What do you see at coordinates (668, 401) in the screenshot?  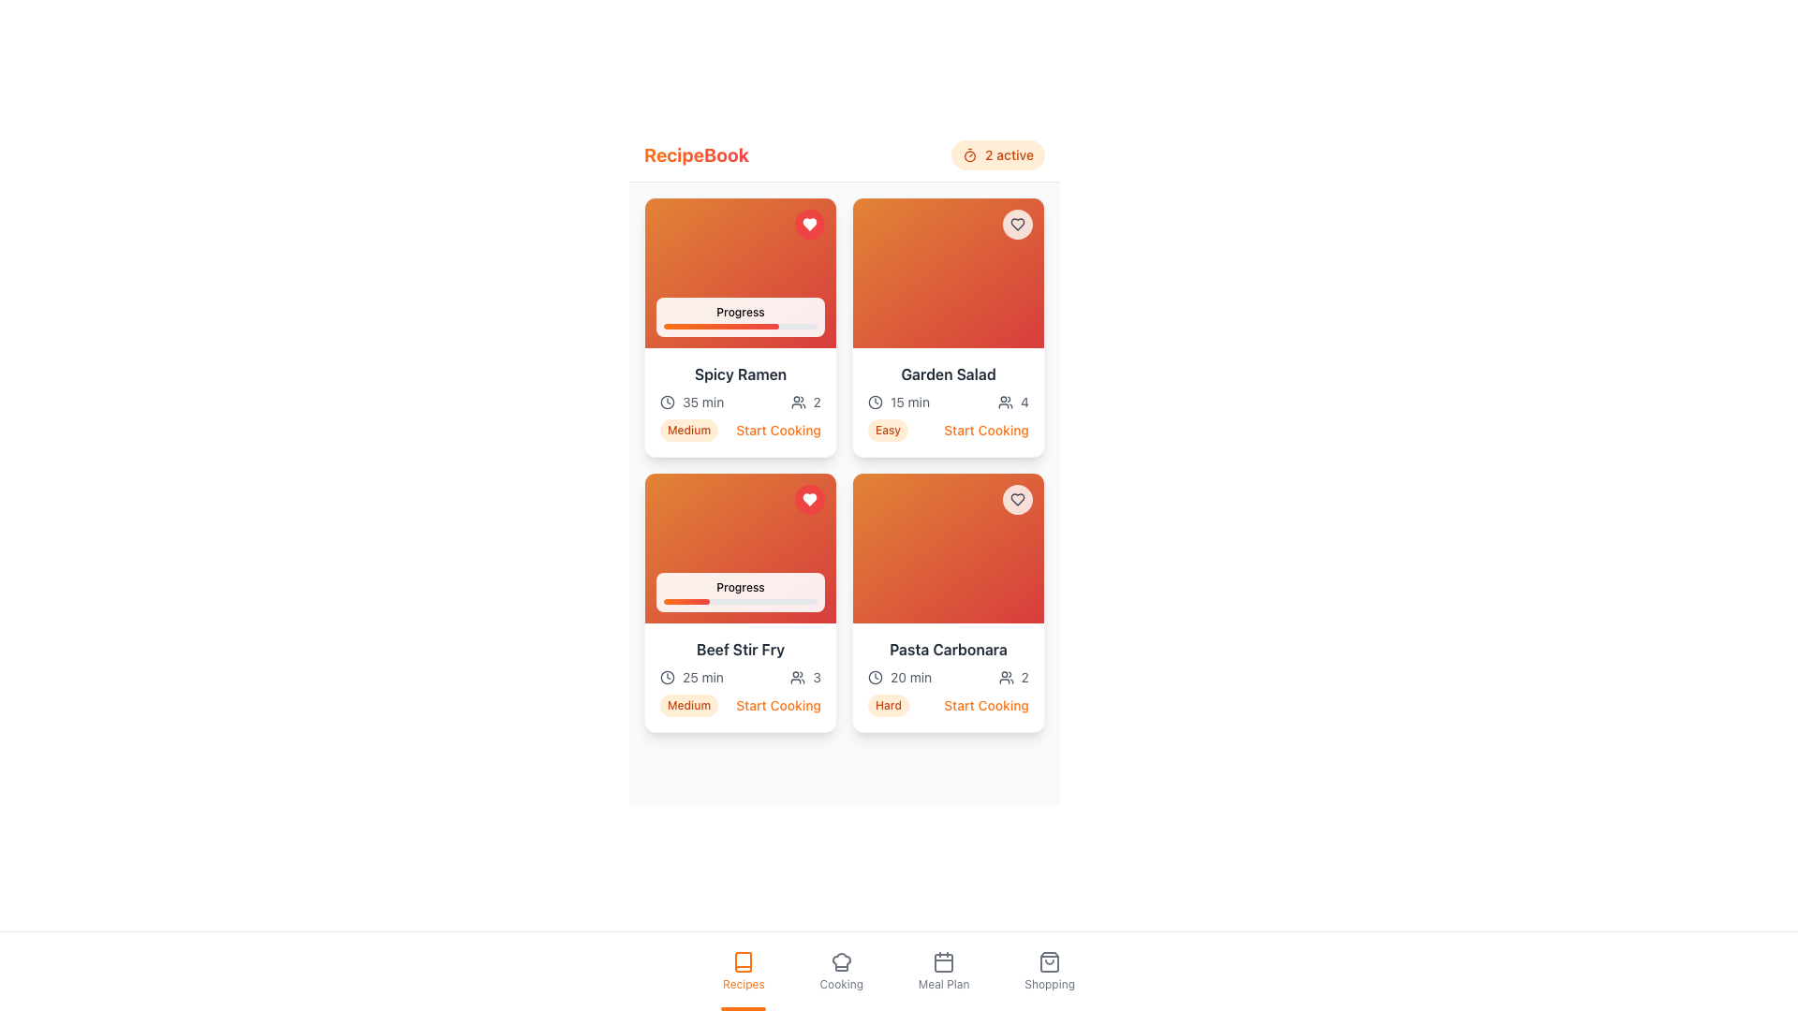 I see `clock icon SVG located within the 'Spicy Ramen' card, positioned to the left of the text '35 min.'` at bounding box center [668, 401].